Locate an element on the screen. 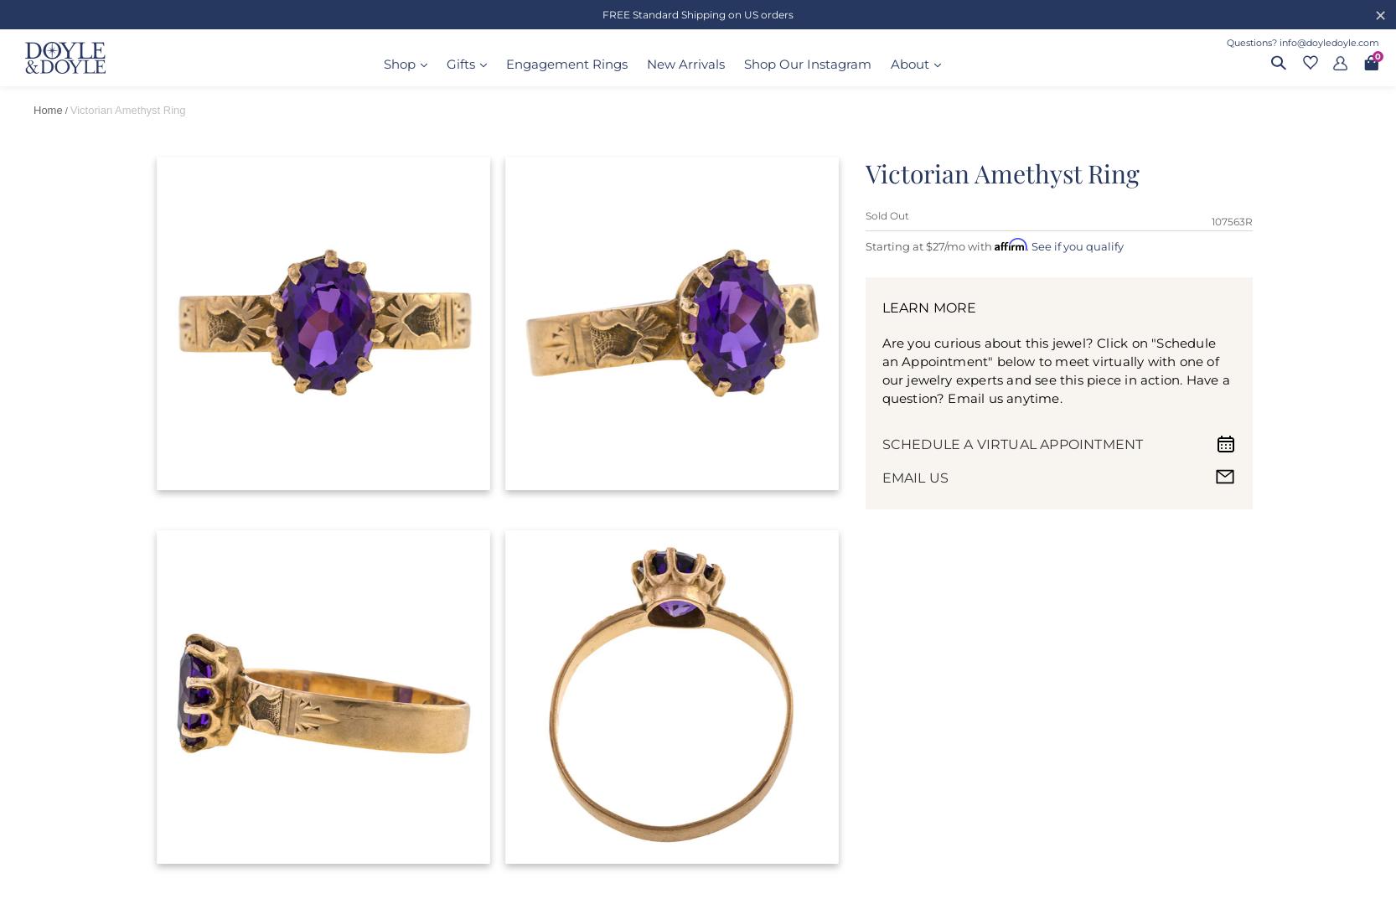  '.' is located at coordinates (1028, 244).